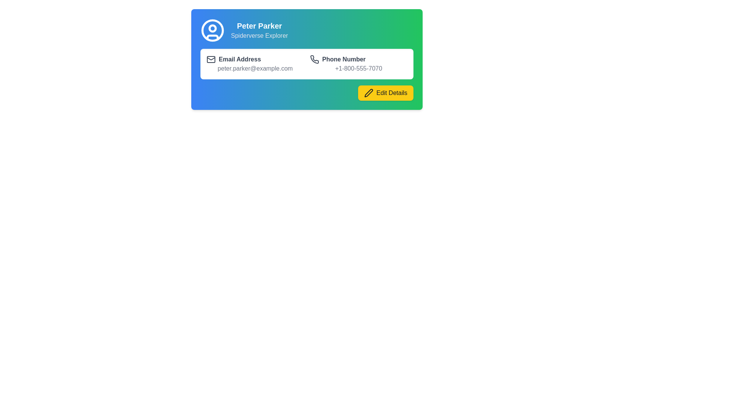 The image size is (733, 412). What do you see at coordinates (212, 30) in the screenshot?
I see `the circular user icon with a white border and user silhouette, located at the top-left corner of the profile section, adjacent to the text 'Peter Parker' and 'Spiderverse Explorer'` at bounding box center [212, 30].